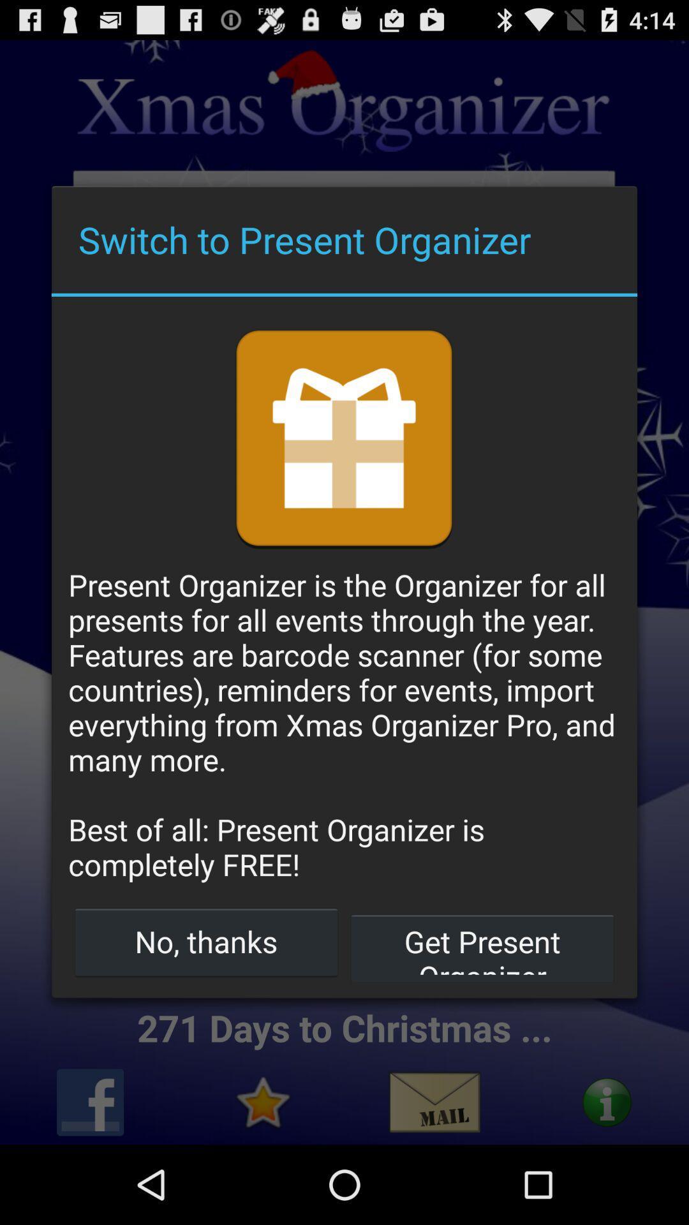 The image size is (689, 1225). I want to click on the item below present organizer is item, so click(205, 941).